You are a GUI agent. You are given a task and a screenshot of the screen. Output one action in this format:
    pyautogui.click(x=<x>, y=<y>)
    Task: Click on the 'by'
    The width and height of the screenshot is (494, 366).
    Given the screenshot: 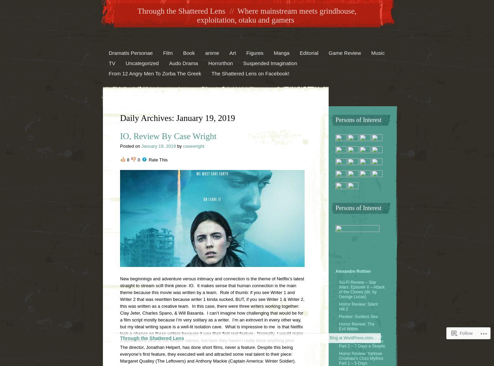 What is the action you would take?
    pyautogui.click(x=179, y=146)
    